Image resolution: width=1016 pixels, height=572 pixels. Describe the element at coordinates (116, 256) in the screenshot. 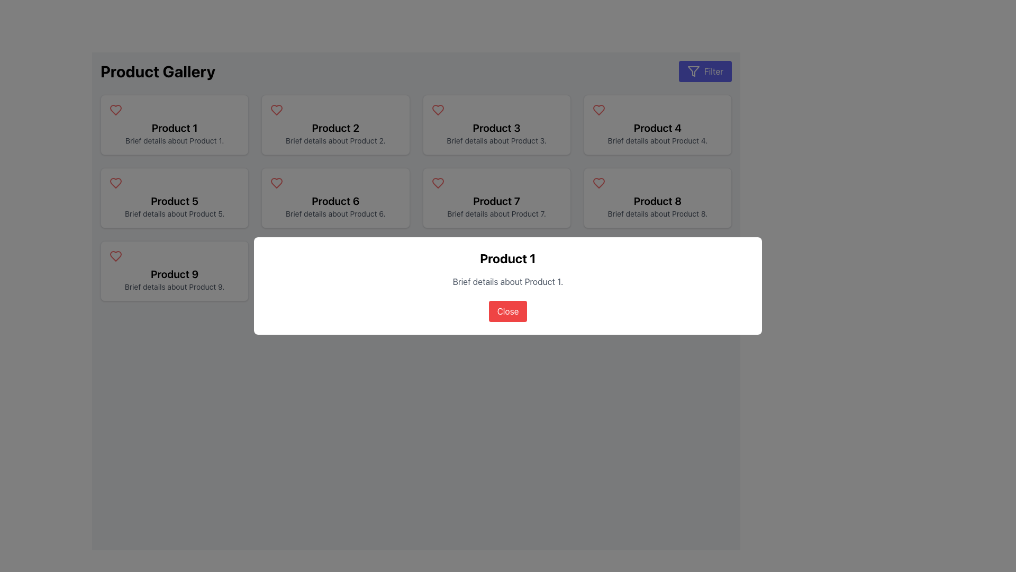

I see `the red heart-shaped icon button located in the bottom row of the product grid for 'Product 9'` at that location.